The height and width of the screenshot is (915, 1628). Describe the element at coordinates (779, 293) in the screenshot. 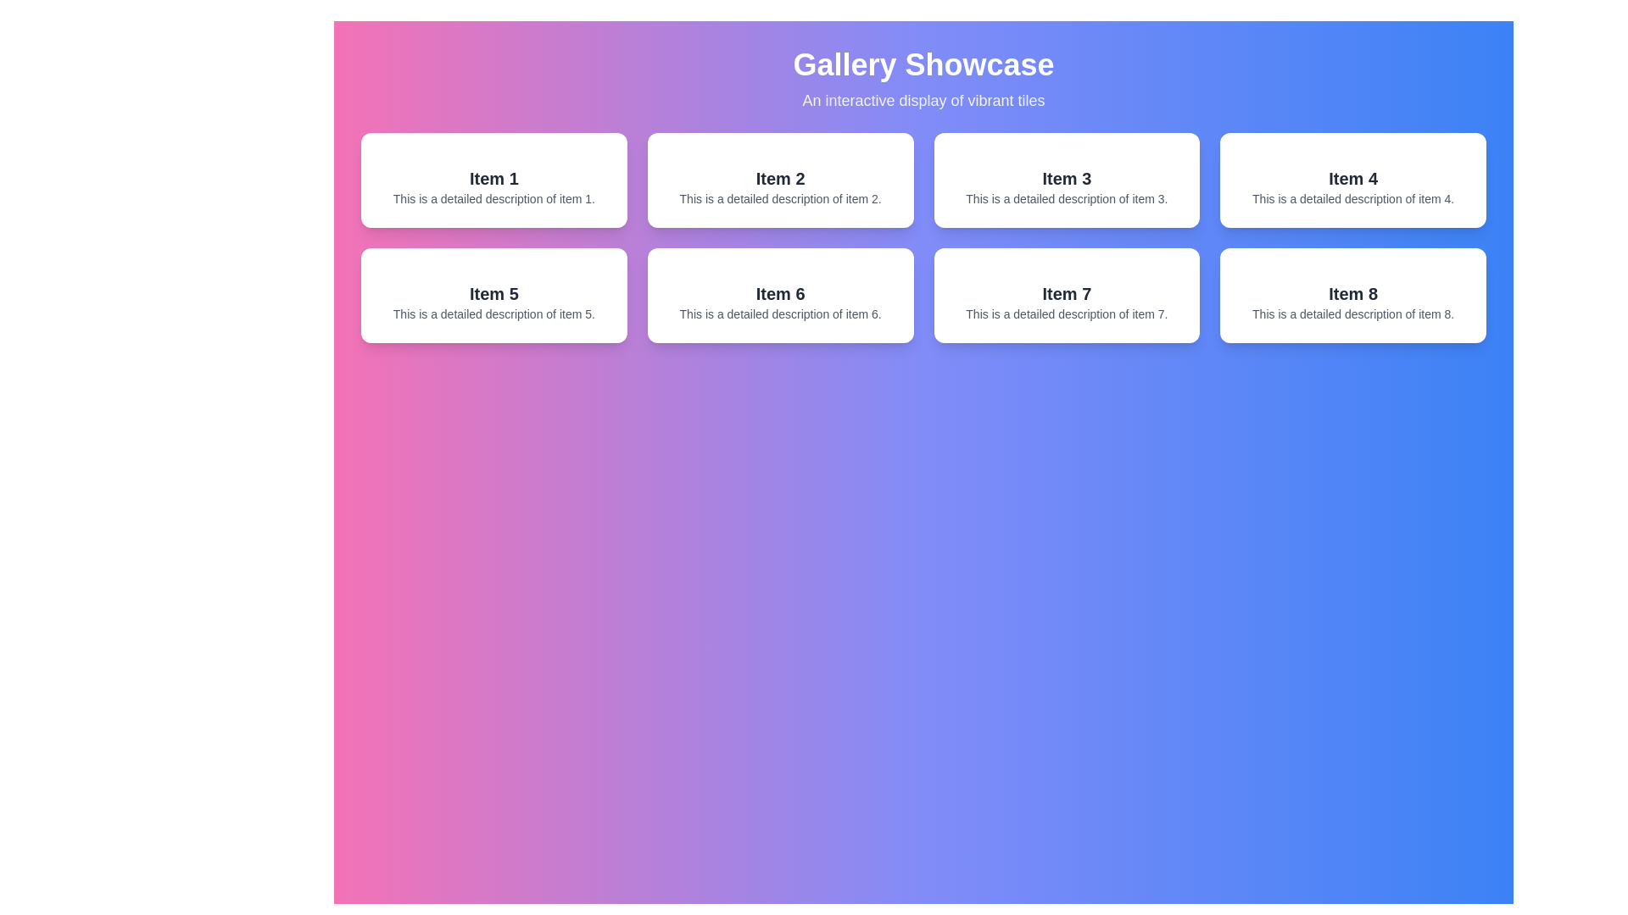

I see `the bold text label reading 'Item 6' located in the third row, second column of the grid layout to focus on the item` at that location.